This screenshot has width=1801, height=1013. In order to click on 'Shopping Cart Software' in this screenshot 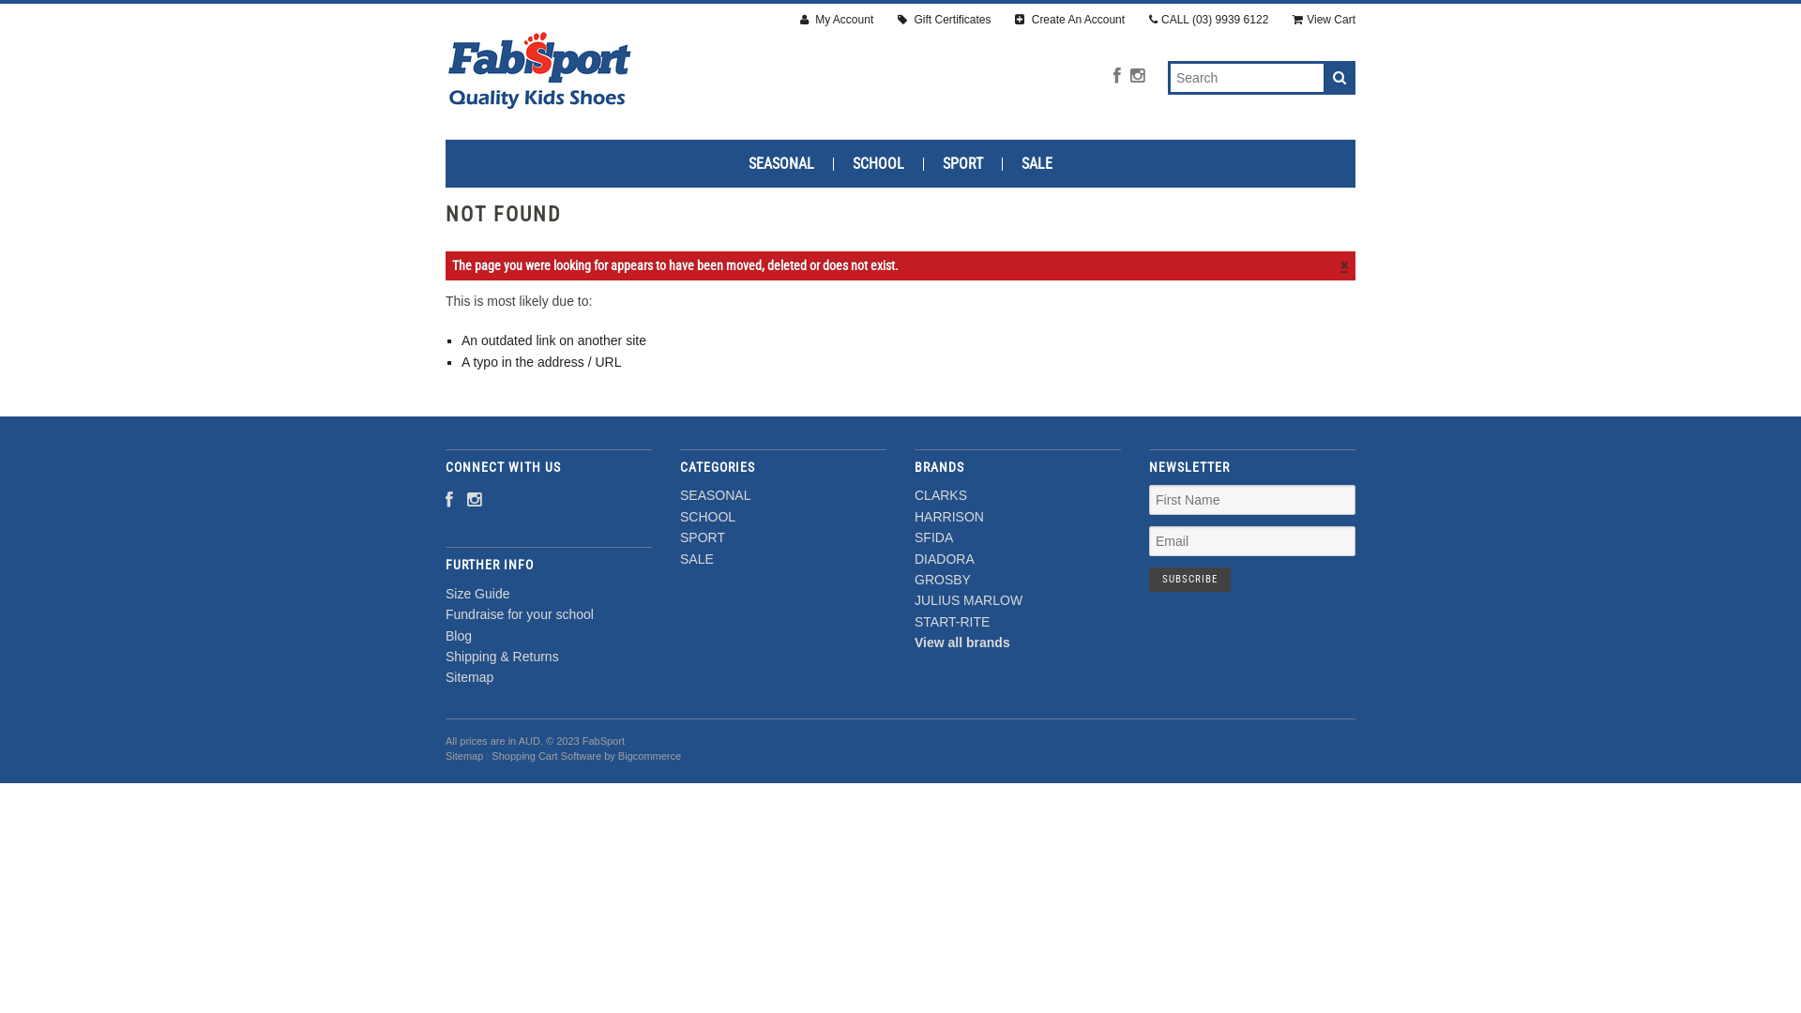, I will do `click(545, 755)`.